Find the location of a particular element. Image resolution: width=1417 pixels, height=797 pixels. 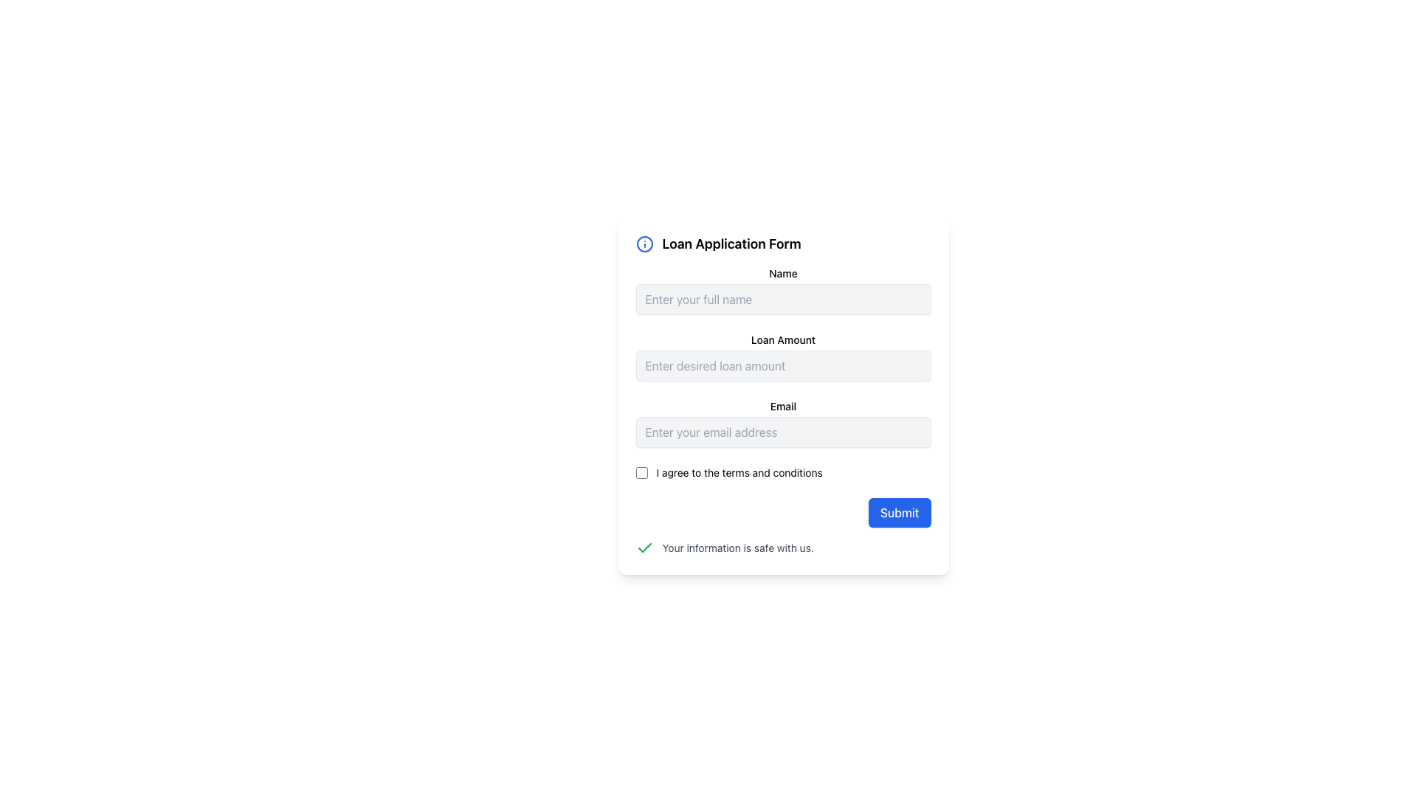

the 'Loan Amount' input field to observe visual changes such as highlighting or border color changes is located at coordinates (782, 356).